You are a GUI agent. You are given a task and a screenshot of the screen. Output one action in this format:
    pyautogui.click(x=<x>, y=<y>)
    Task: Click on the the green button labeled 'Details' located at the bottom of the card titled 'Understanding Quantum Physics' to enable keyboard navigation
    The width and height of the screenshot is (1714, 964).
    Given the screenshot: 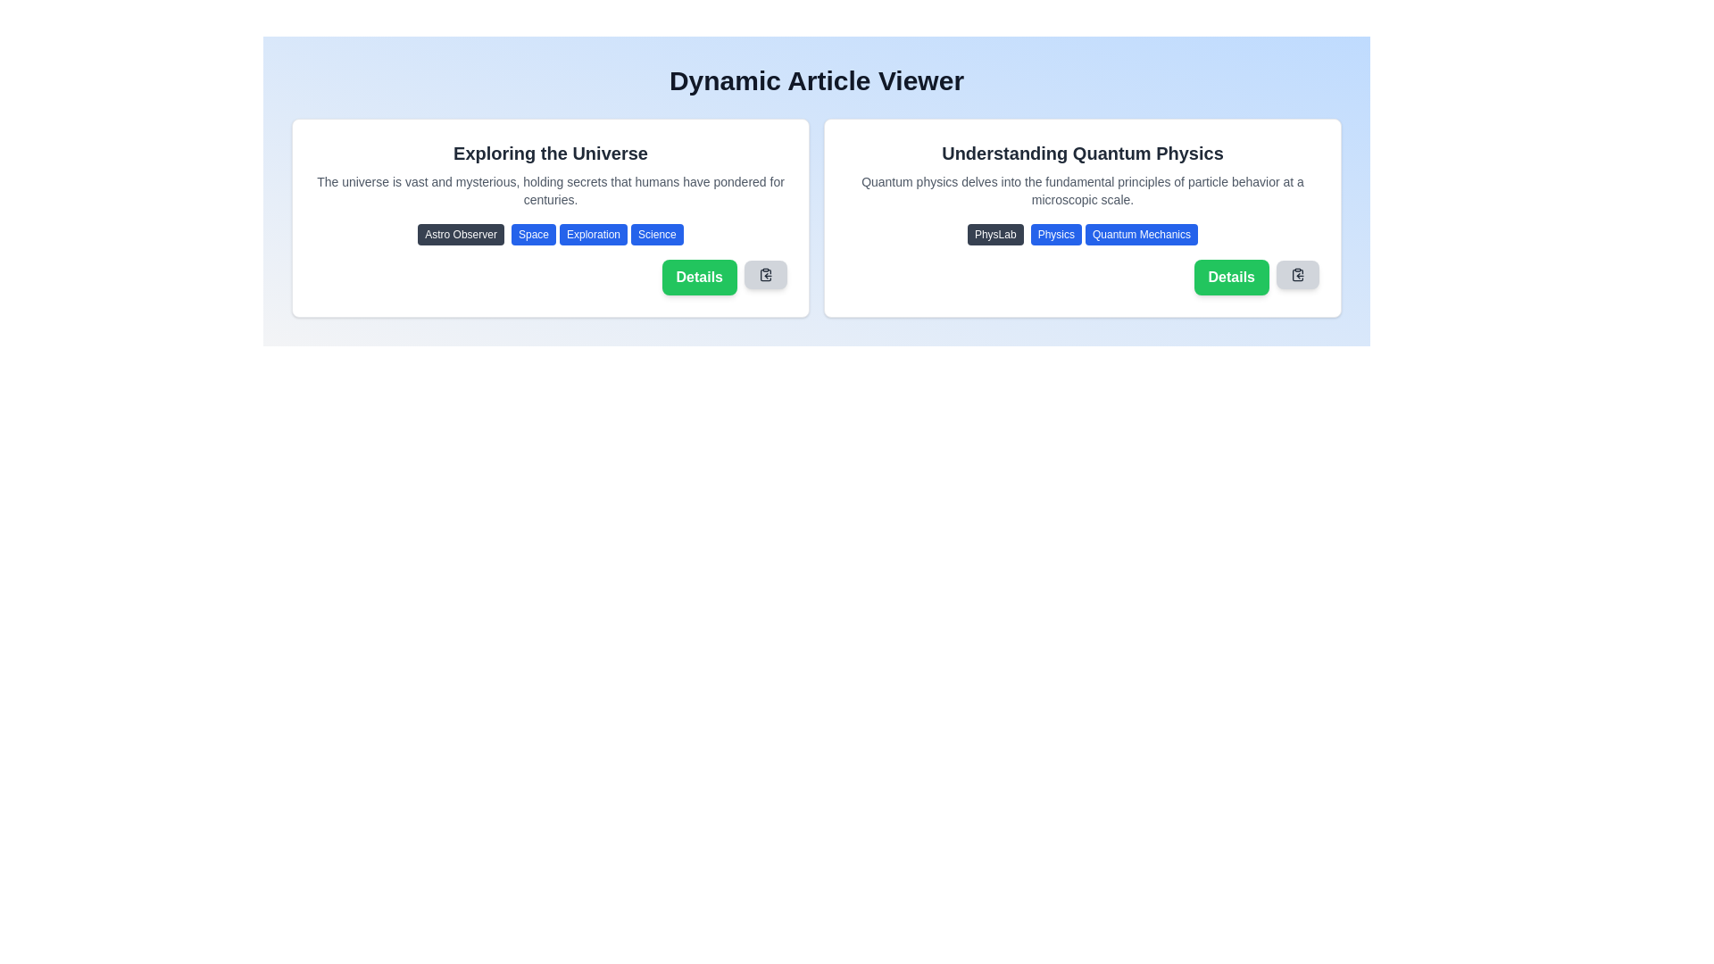 What is the action you would take?
    pyautogui.click(x=1230, y=278)
    